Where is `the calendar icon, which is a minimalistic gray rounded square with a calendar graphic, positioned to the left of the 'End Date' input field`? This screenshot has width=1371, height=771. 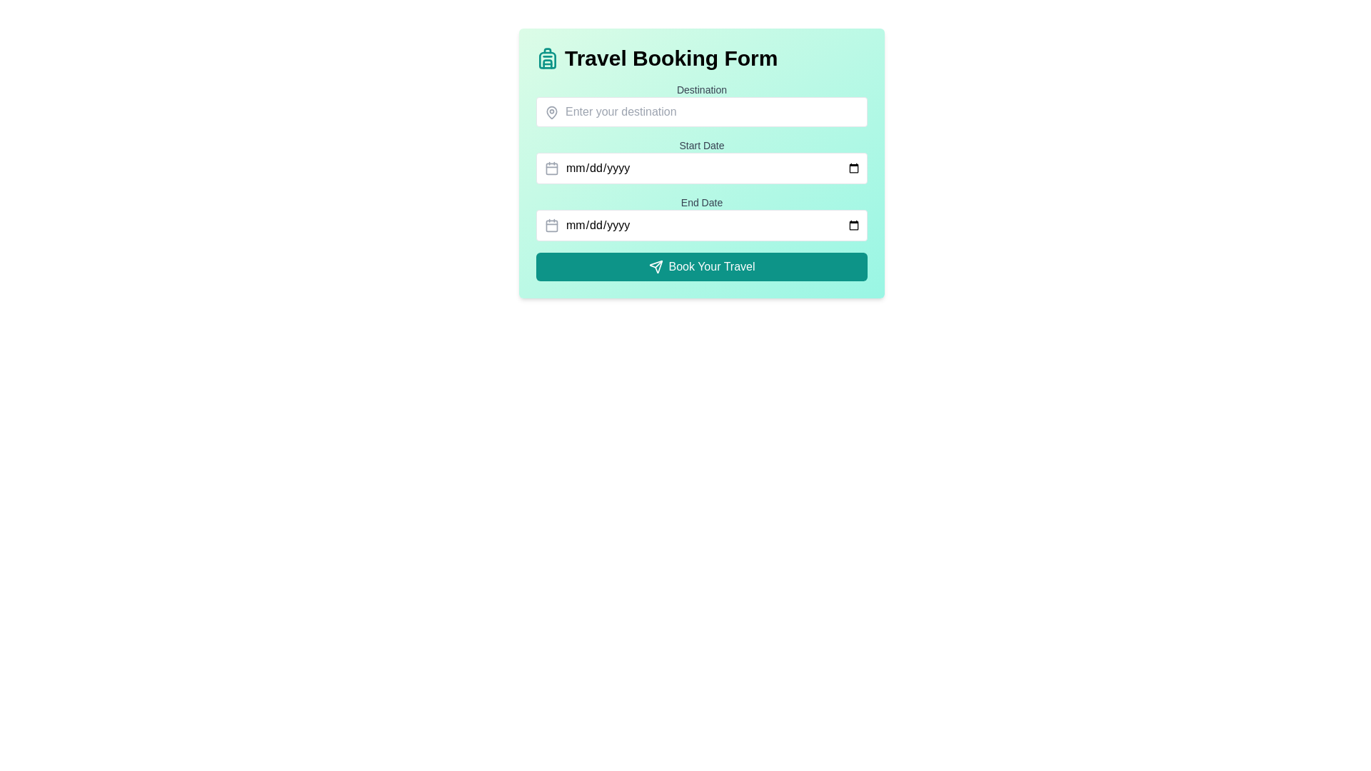
the calendar icon, which is a minimalistic gray rounded square with a calendar graphic, positioned to the left of the 'End Date' input field is located at coordinates (551, 225).